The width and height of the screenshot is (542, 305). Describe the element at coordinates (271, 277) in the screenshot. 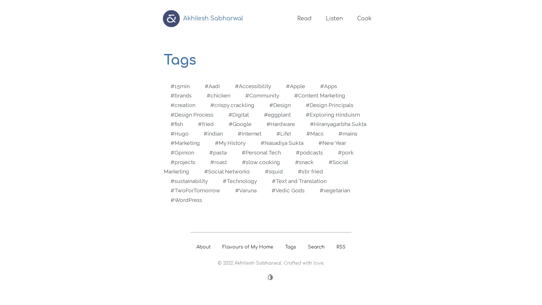

I see `Dark mode` at that location.